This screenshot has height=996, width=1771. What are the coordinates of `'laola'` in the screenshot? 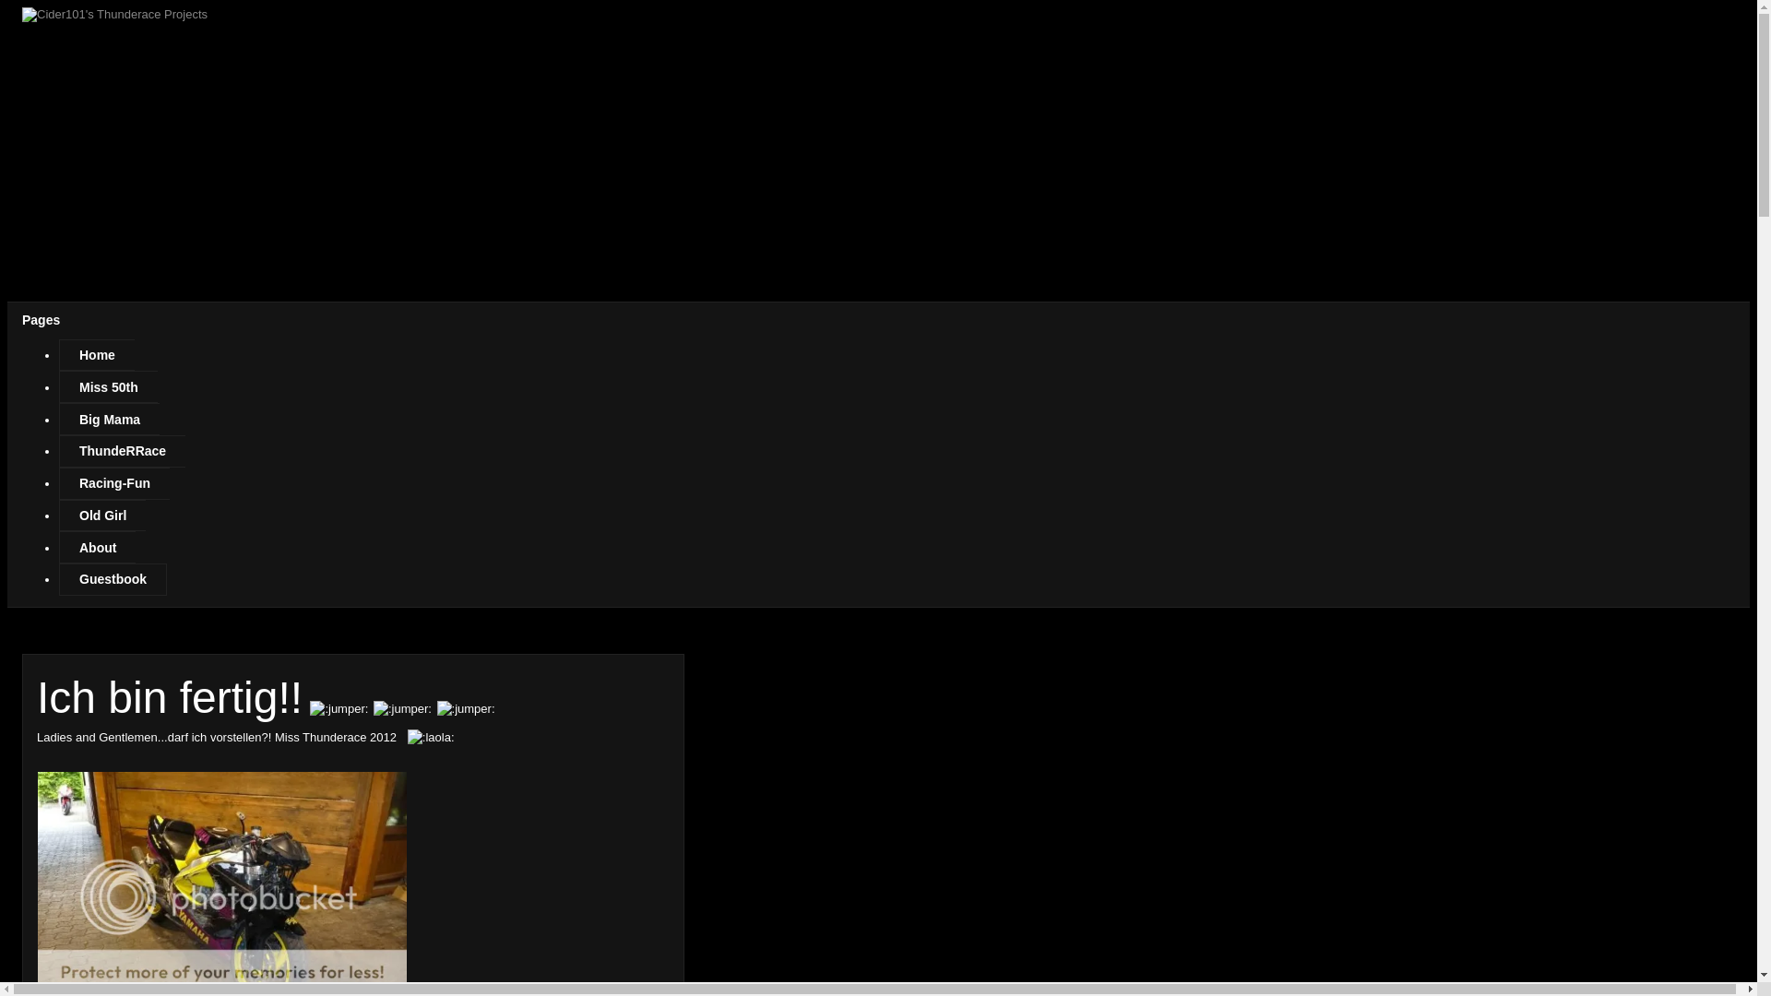 It's located at (430, 736).